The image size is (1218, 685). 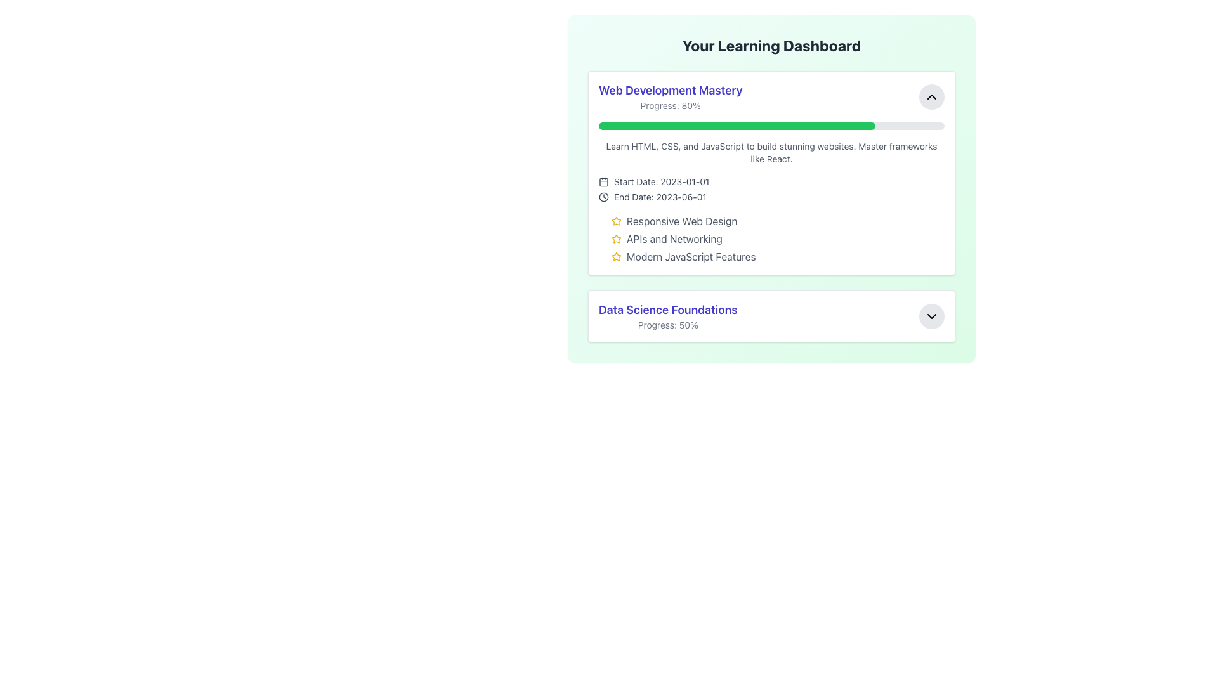 I want to click on the textual display element that presents the title and current progress of the course 'Data Science Foundations', so click(x=667, y=315).